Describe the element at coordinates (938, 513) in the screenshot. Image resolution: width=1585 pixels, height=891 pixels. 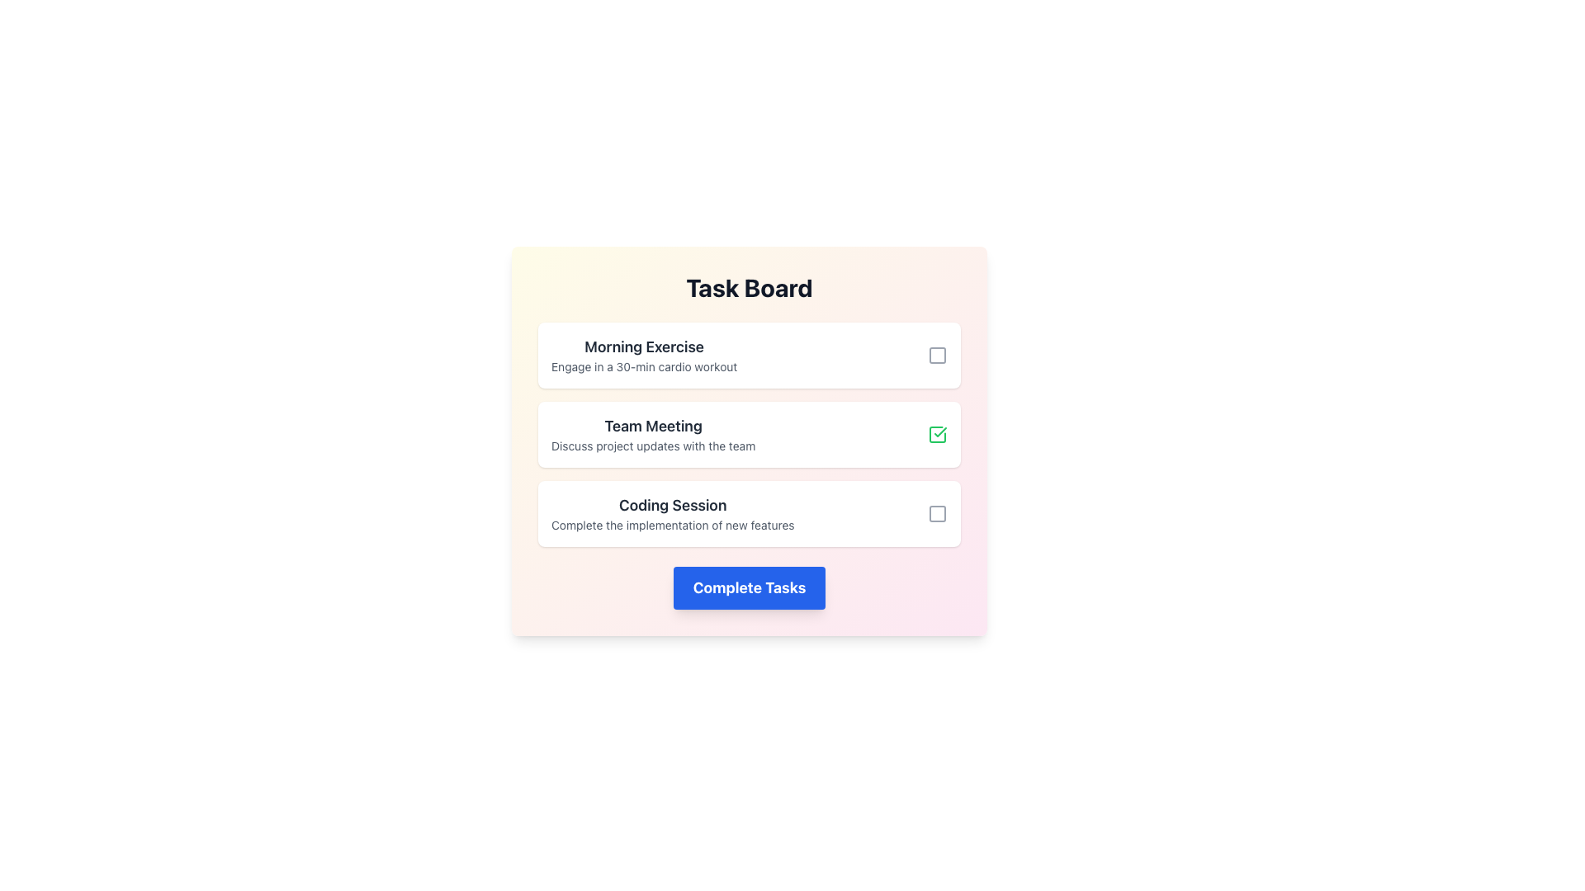
I see `the selectable button that marks the 'Coding Session' task as incomplete` at that location.